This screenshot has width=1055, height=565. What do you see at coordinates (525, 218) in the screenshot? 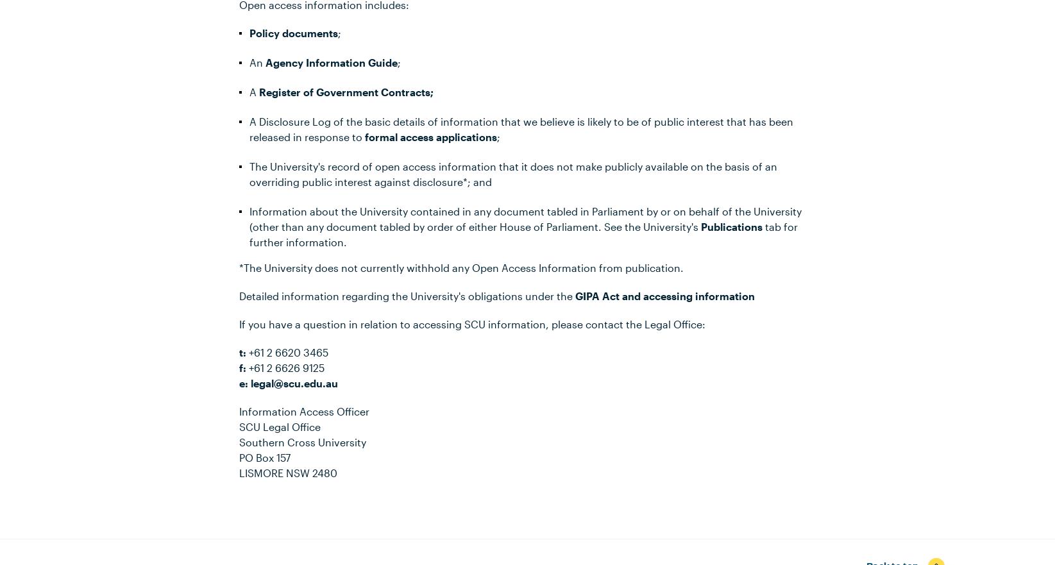
I see `'Information about the University contained in any document tabled in Parliament by or on behalf of the University (other than any document tabled by order of either House of Parliament. See the University's'` at bounding box center [525, 218].